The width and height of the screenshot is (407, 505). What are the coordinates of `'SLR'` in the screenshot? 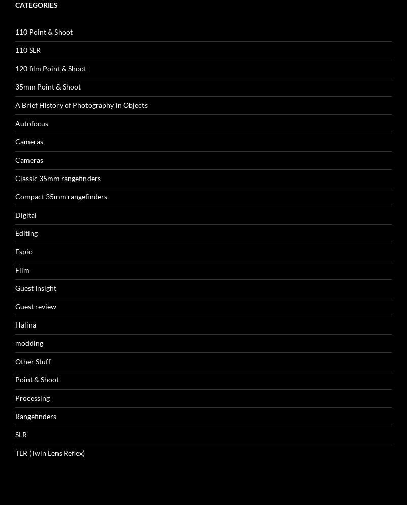 It's located at (20, 291).